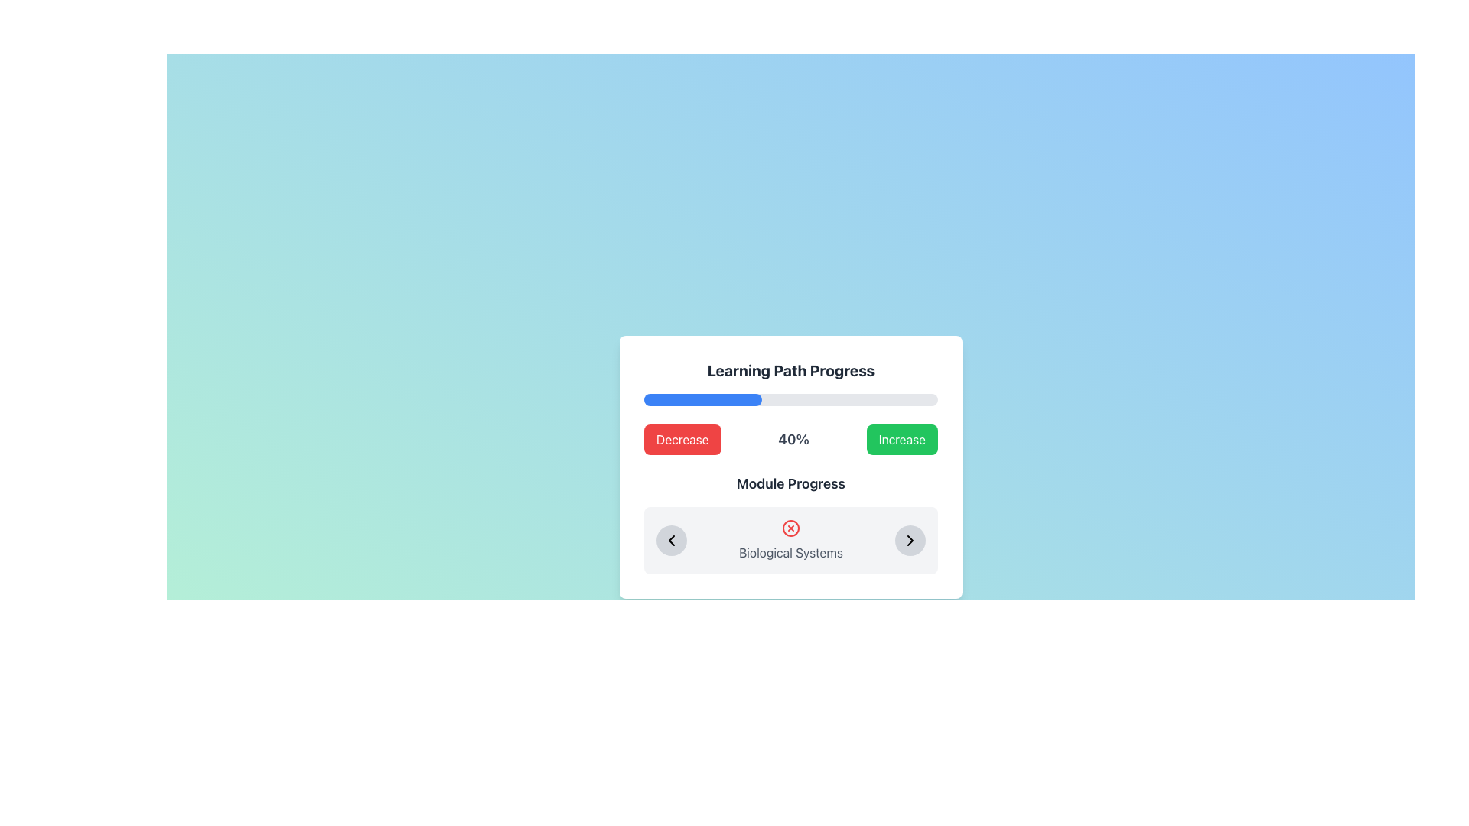 This screenshot has height=826, width=1469. Describe the element at coordinates (750, 399) in the screenshot. I see `progress` at that location.